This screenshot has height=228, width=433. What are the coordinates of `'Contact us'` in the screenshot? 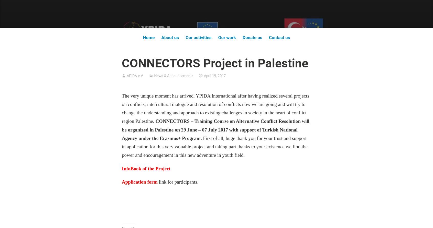 It's located at (279, 37).